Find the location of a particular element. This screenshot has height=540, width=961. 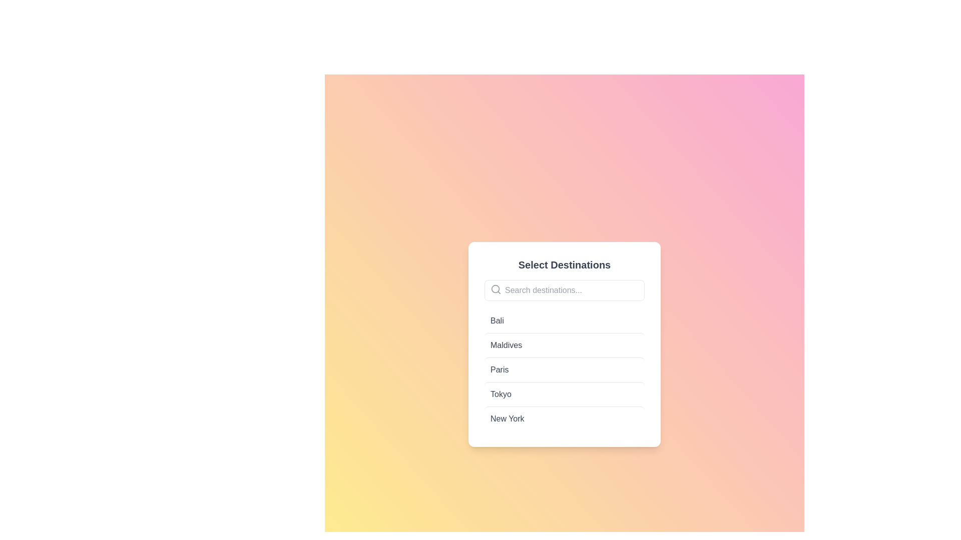

the text label indicating the destination 'Maldives' in the second row of the 'Select Destinations' dropdown component is located at coordinates (506, 344).